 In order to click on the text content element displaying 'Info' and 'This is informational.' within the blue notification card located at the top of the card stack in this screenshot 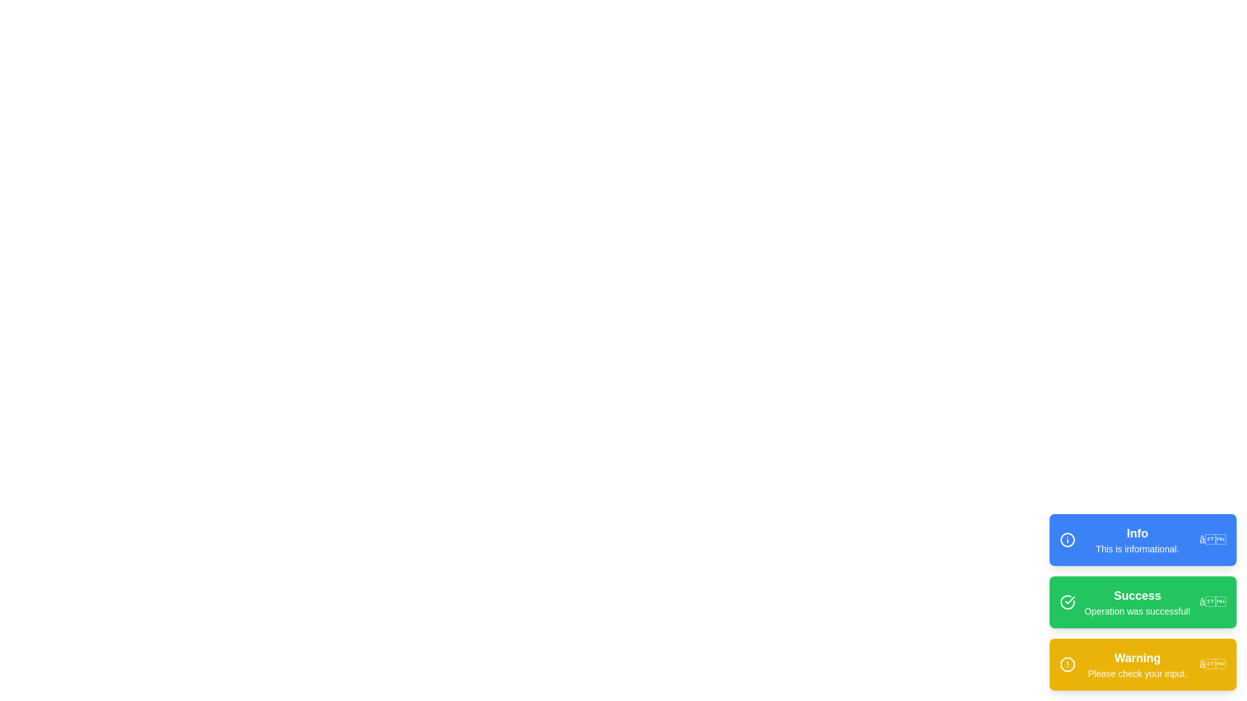, I will do `click(1137, 540)`.